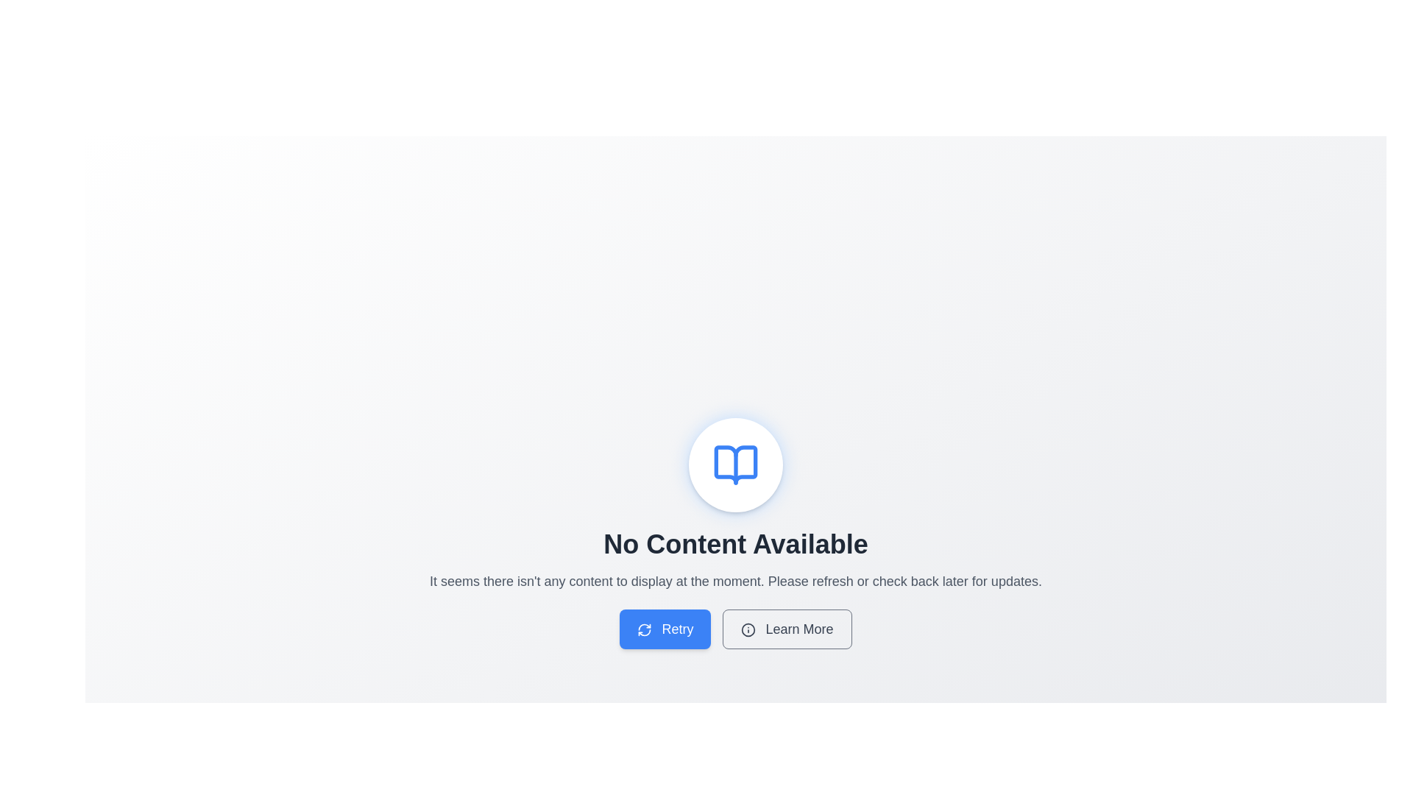 The image size is (1413, 795). What do you see at coordinates (787, 629) in the screenshot?
I see `the informational button located at the bottom center of the page, to the right of the 'Retry' button, which provides more details about the message indicating 'No Content Available.'` at bounding box center [787, 629].